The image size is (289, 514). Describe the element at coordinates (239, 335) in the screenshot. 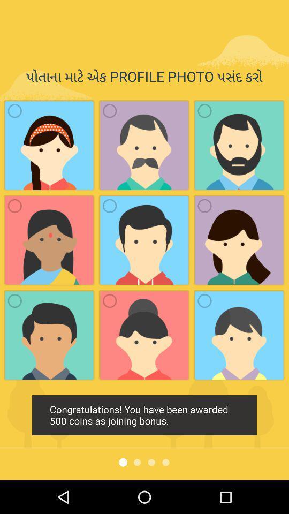

I see `the image in the 3rd row 3rd image at right corner` at that location.